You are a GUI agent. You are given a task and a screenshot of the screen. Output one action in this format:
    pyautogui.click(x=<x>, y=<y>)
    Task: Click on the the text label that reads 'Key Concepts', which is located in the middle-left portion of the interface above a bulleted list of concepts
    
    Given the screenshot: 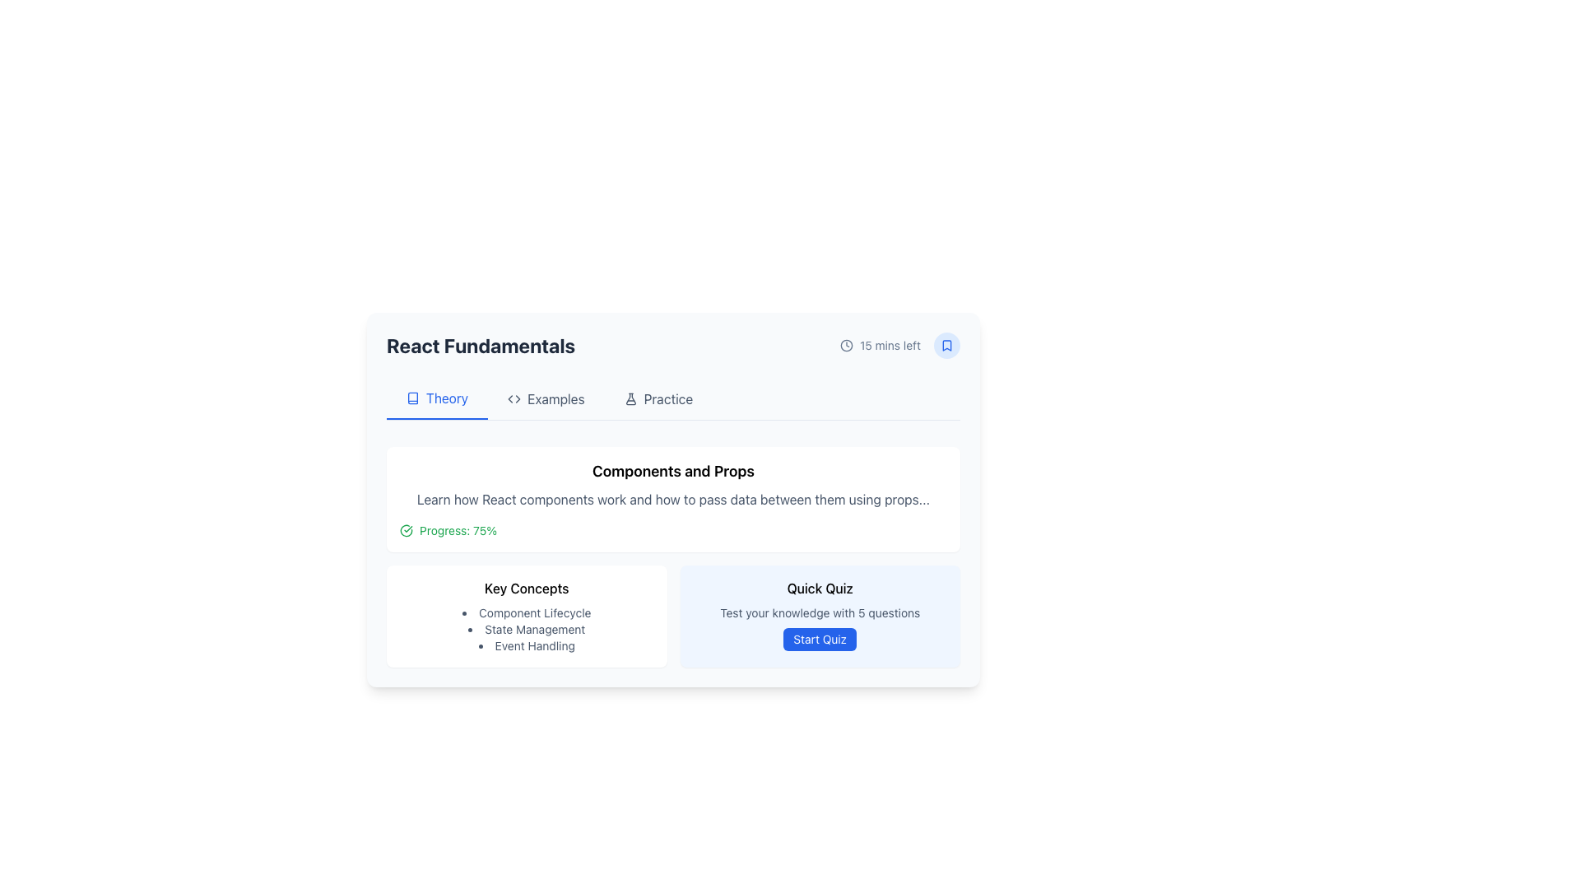 What is the action you would take?
    pyautogui.click(x=527, y=587)
    